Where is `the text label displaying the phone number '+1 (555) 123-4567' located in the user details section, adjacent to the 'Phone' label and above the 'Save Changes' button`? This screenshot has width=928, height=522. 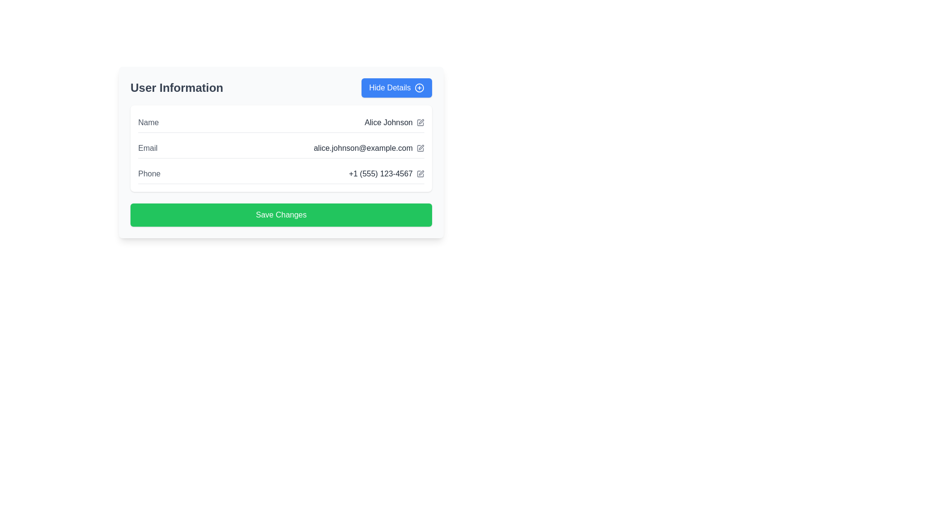
the text label displaying the phone number '+1 (555) 123-4567' located in the user details section, adjacent to the 'Phone' label and above the 'Save Changes' button is located at coordinates (386, 173).